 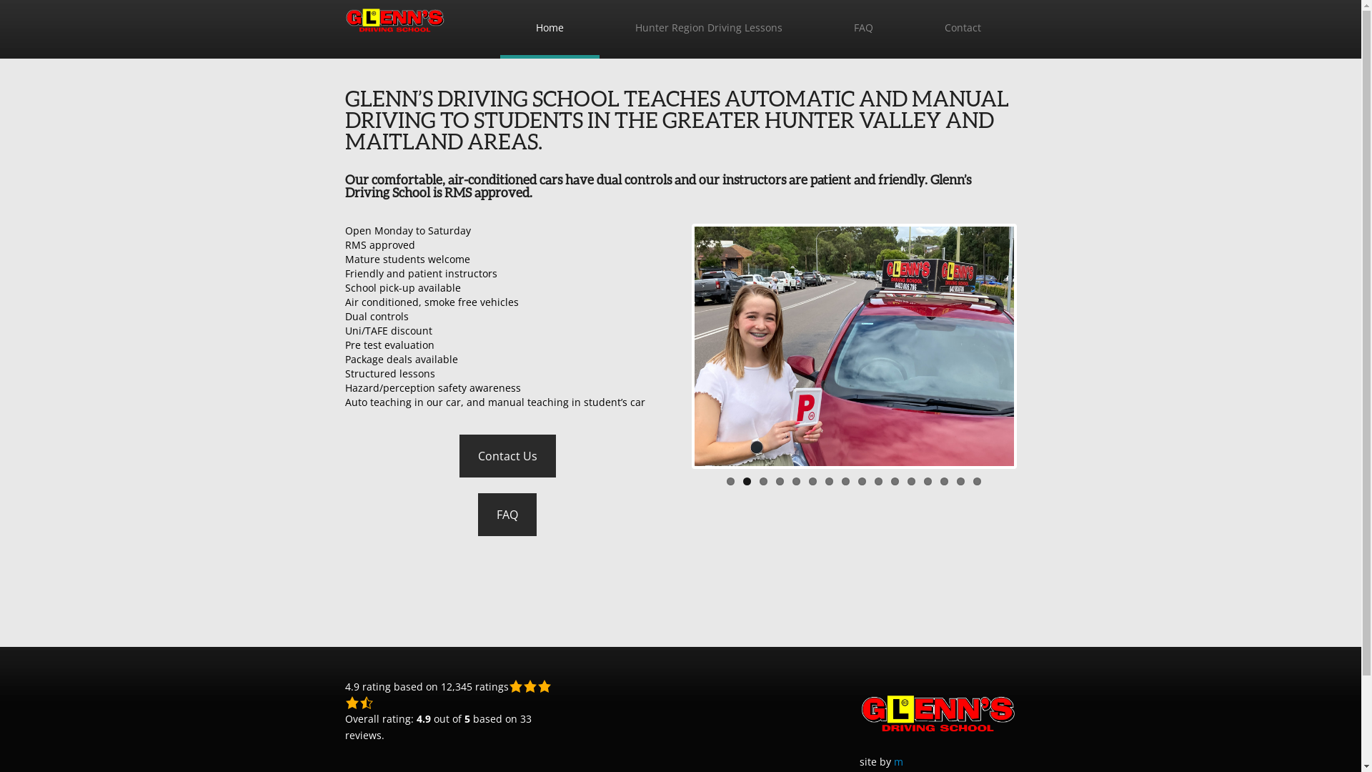 I want to click on '6', so click(x=812, y=481).